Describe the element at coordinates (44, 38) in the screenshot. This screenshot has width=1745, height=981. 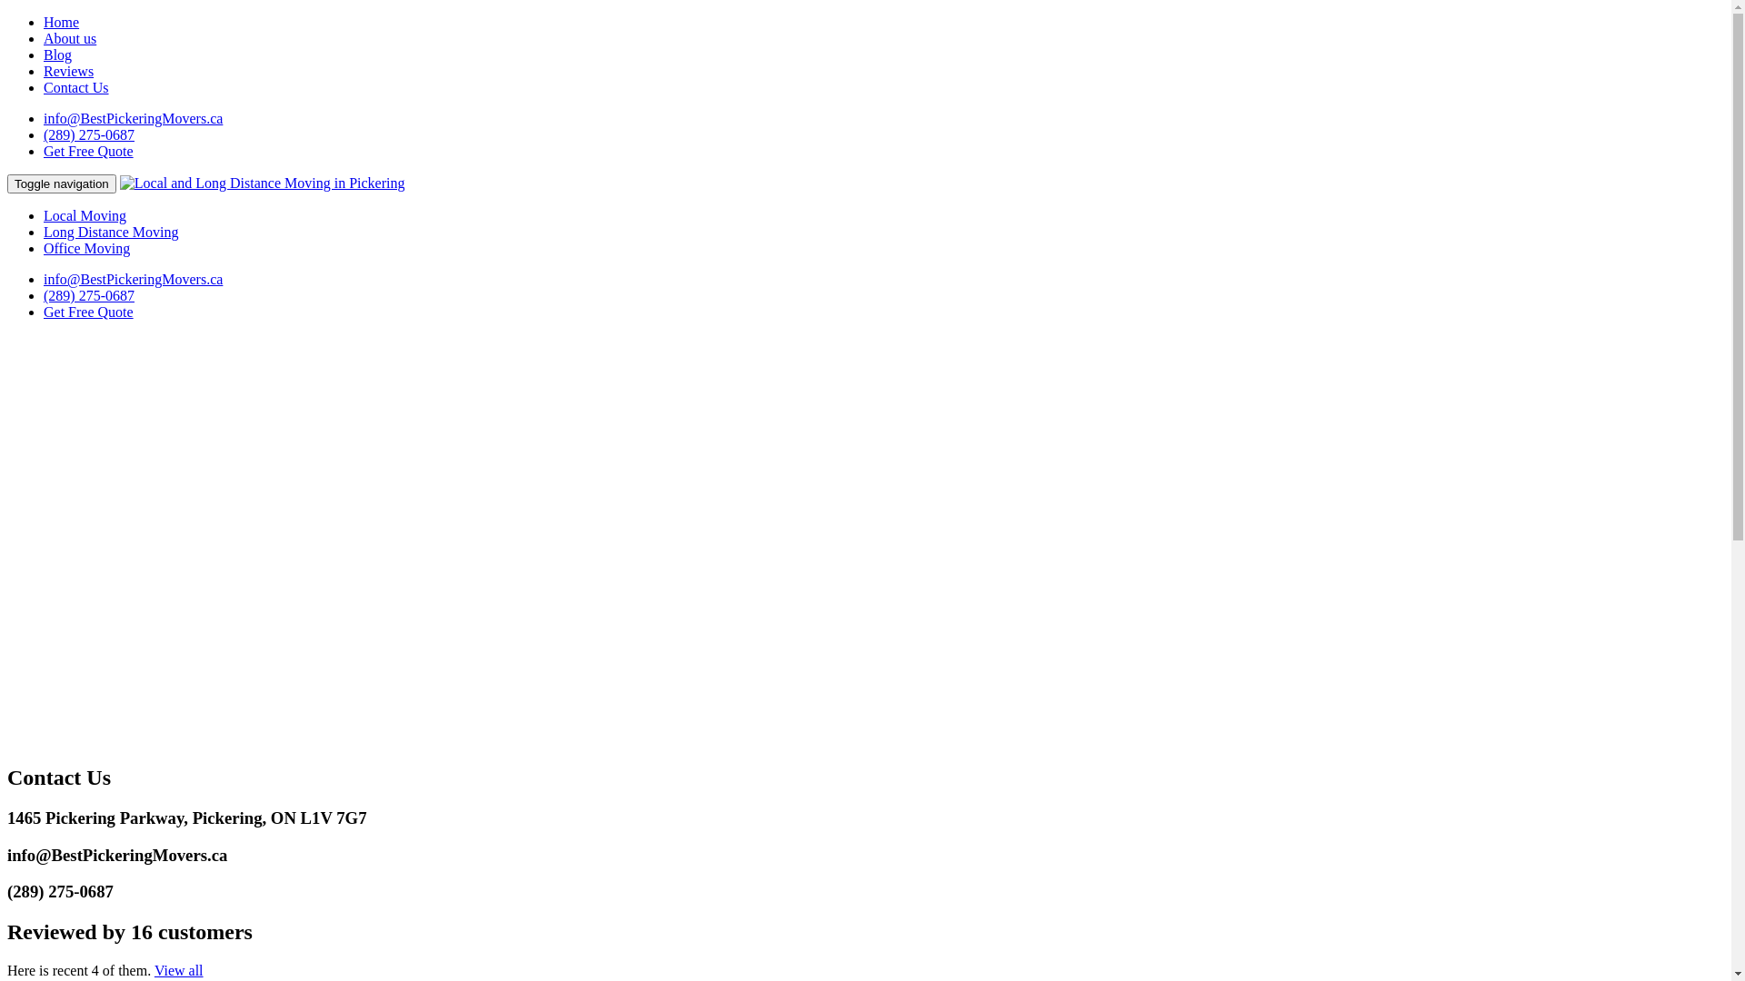
I see `'About us'` at that location.